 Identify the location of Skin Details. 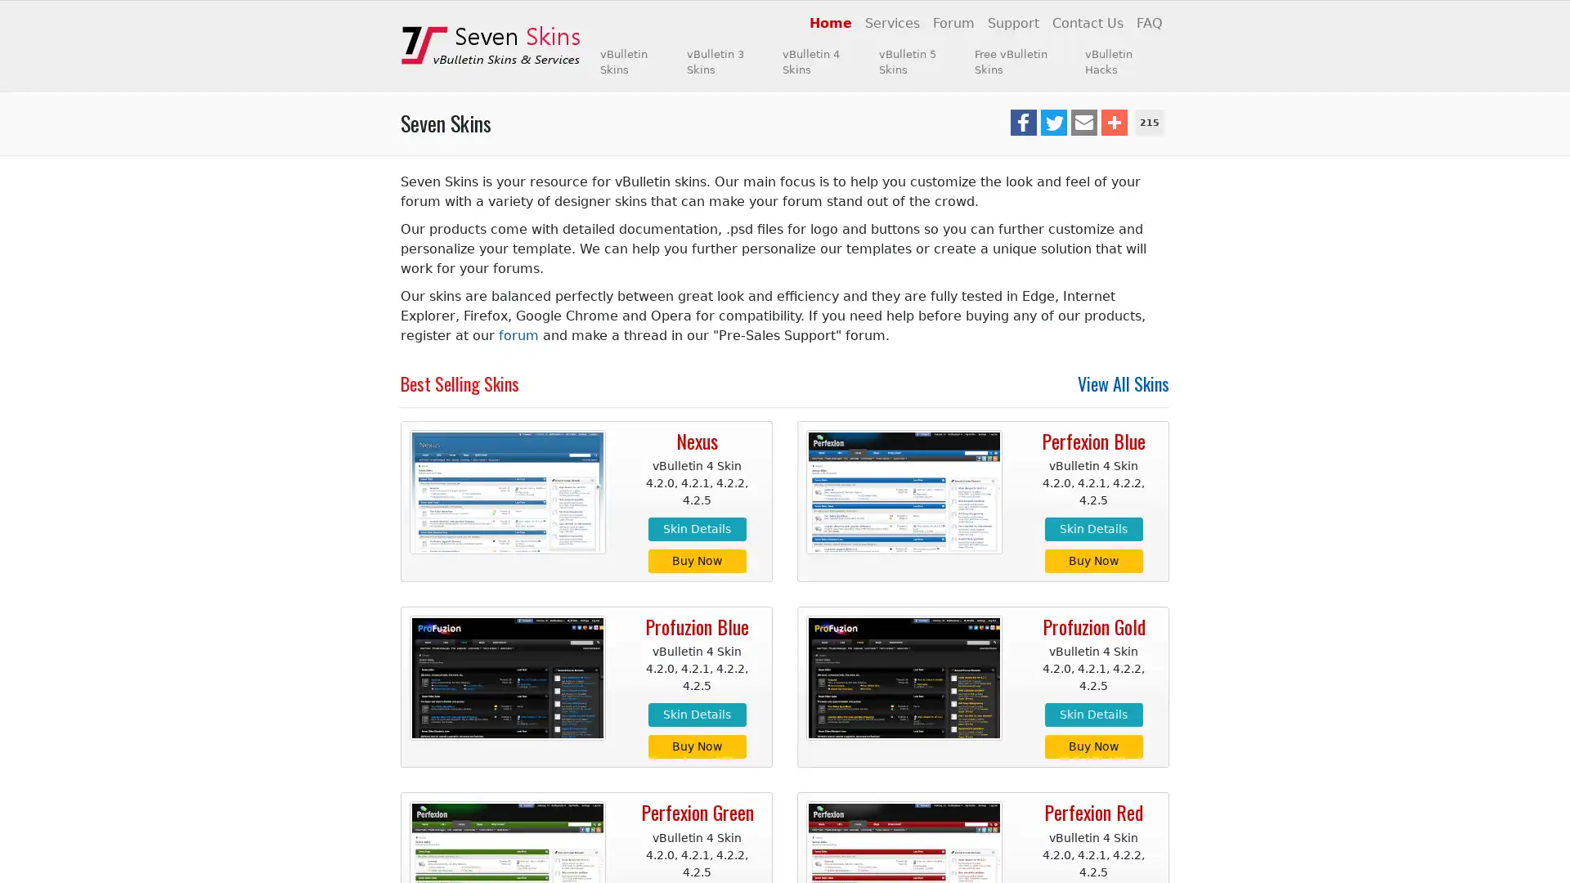
(1093, 714).